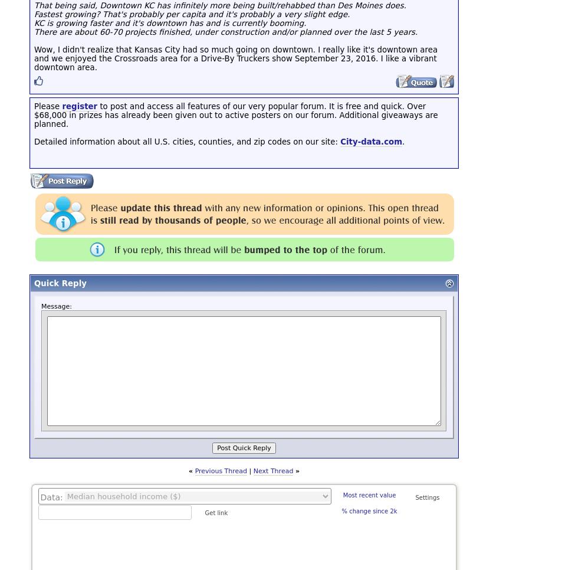 The image size is (562, 570). What do you see at coordinates (61, 106) in the screenshot?
I see `'register'` at bounding box center [61, 106].